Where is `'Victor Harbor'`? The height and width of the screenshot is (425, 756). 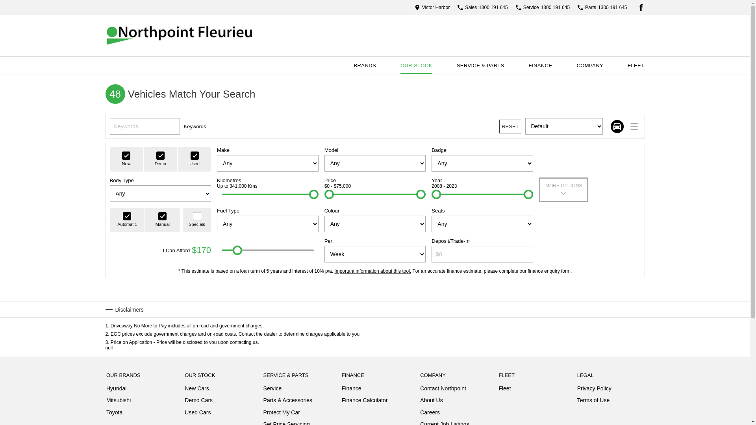 'Victor Harbor' is located at coordinates (432, 7).